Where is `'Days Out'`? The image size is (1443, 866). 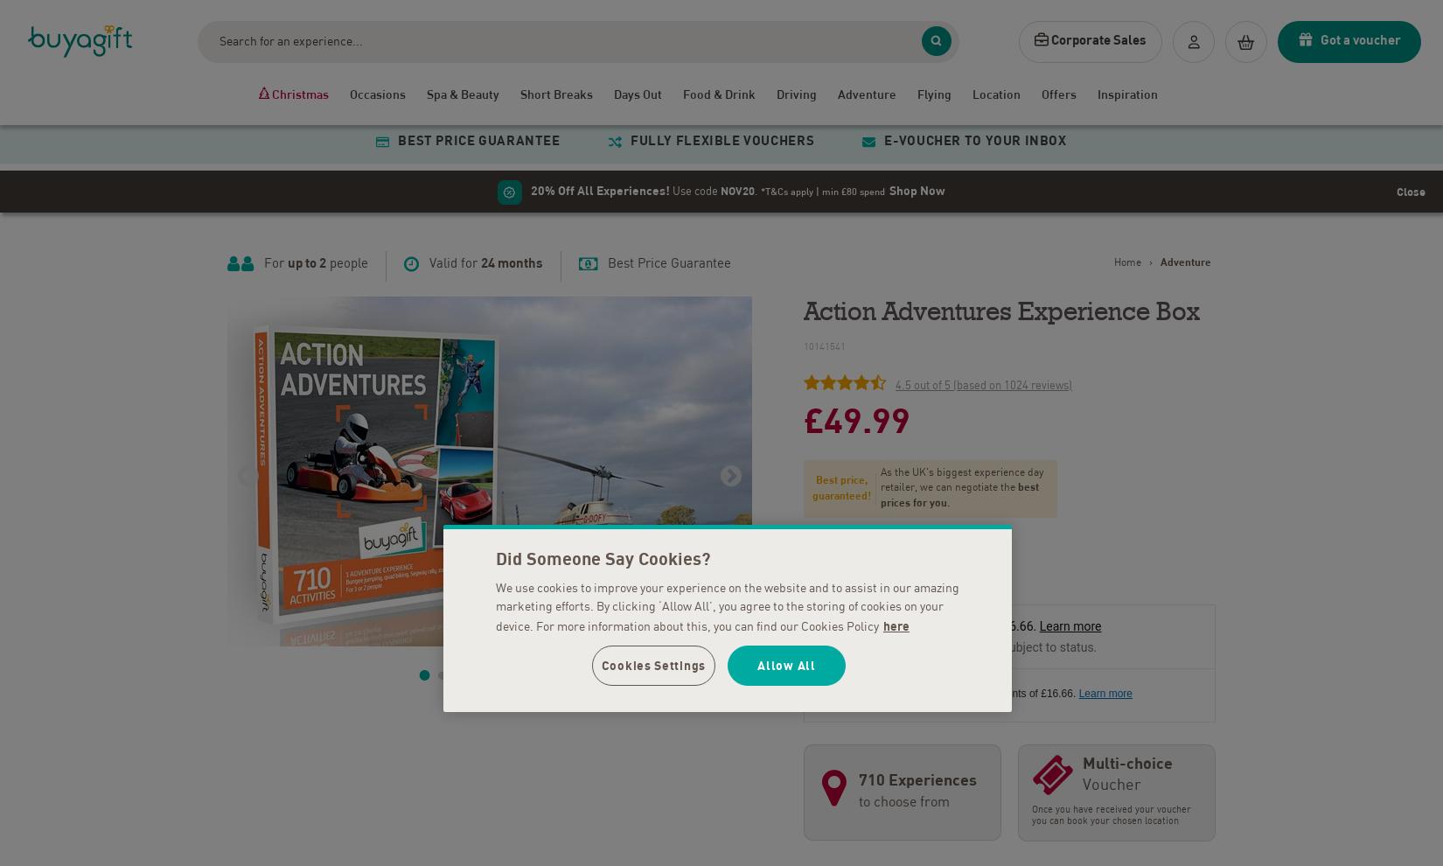 'Days Out' is located at coordinates (637, 94).